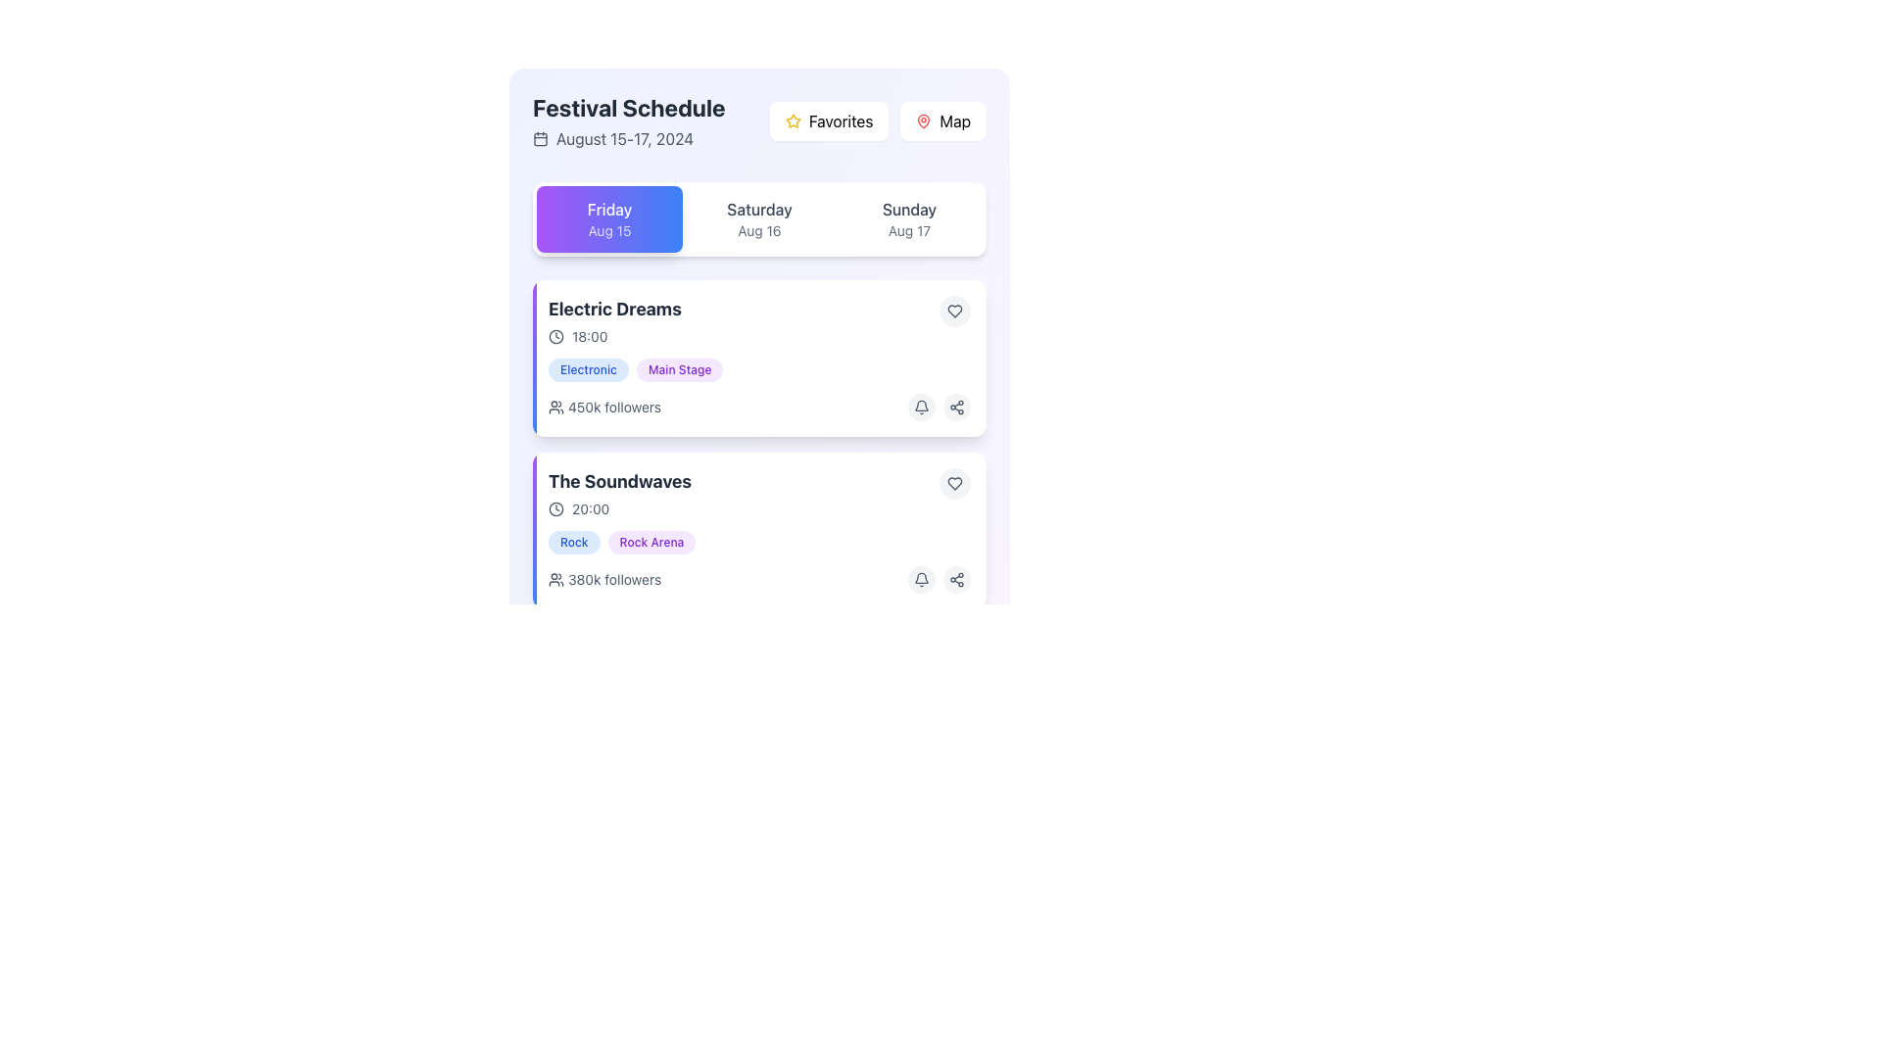 The image size is (1881, 1058). What do you see at coordinates (758, 370) in the screenshot?
I see `the Tag section containing multiple labeled badges for the 'Electronic' genre and 'Main Stage' venue, located below 'Electric Dreams' and '18:00', and above '450k followers'` at bounding box center [758, 370].